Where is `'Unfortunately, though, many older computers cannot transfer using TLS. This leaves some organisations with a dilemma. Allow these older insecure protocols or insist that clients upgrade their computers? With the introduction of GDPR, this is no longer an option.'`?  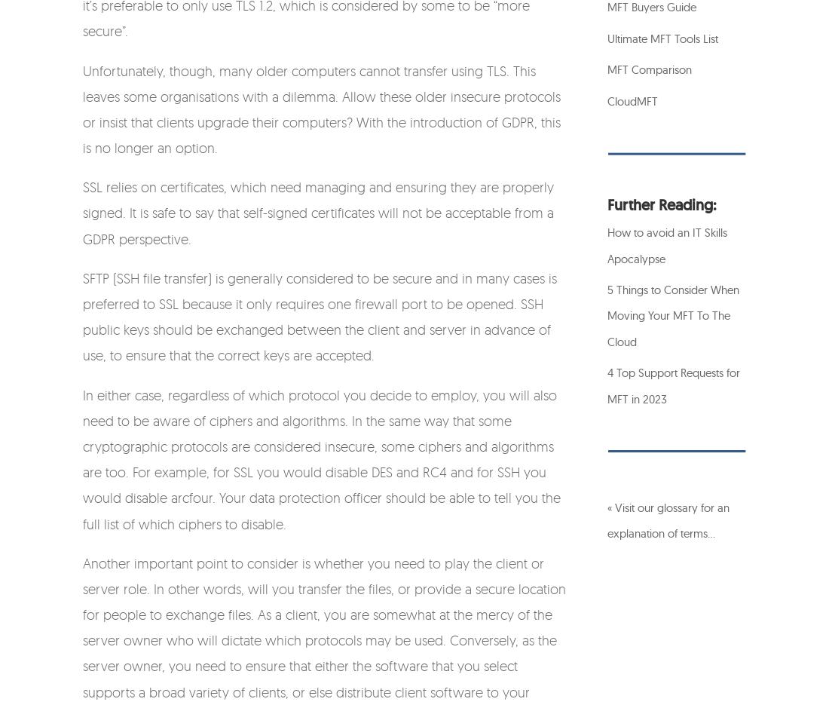 'Unfortunately, though, many older computers cannot transfer using TLS. This leaves some organisations with a dilemma. Allow these older insecure protocols or insist that clients upgrade their computers? With the introduction of GDPR, this is no longer an option.' is located at coordinates (321, 108).